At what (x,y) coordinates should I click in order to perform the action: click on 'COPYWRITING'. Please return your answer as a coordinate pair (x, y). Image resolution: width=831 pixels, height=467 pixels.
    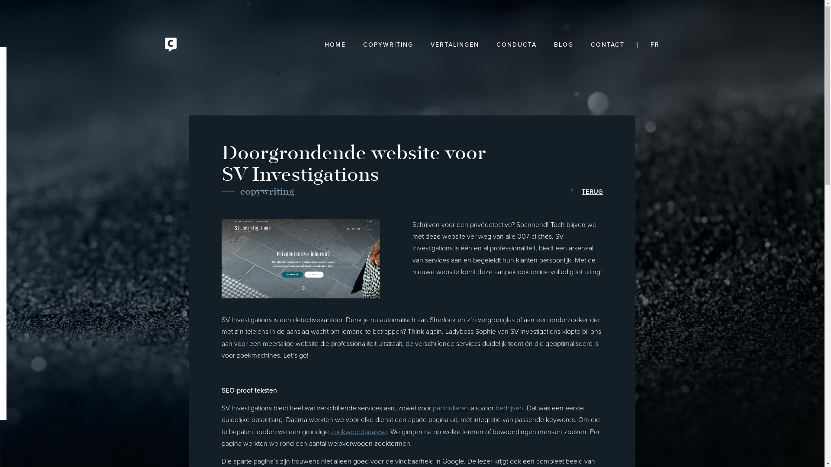
    Looking at the image, I should click on (388, 45).